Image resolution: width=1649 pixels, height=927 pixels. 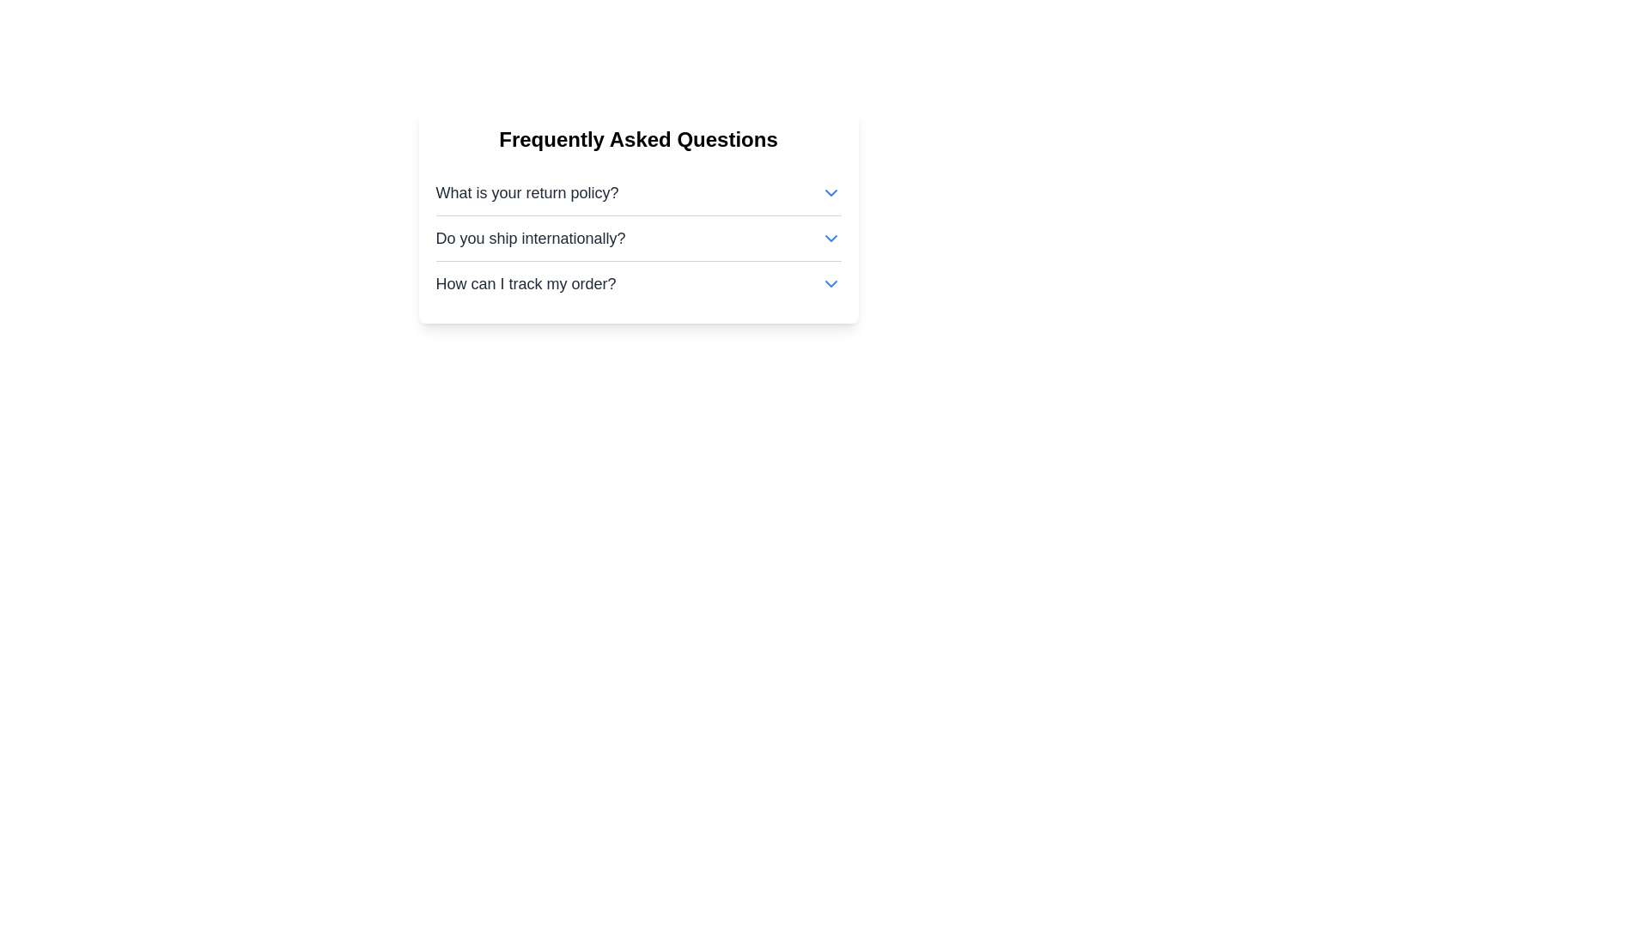 I want to click on the first expandable list item under the 'Frequently Asked Questions' section, so click(x=637, y=192).